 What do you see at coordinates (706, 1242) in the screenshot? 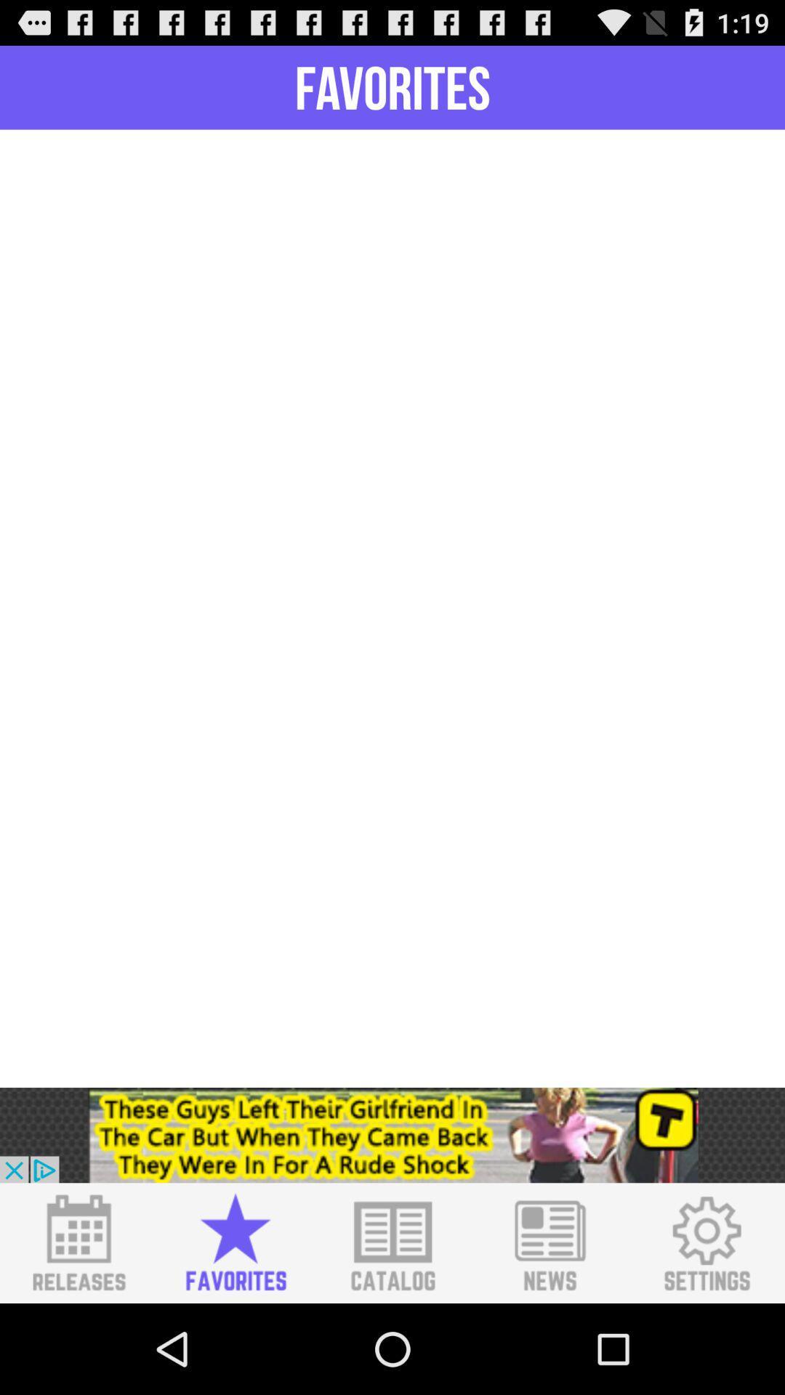
I see `settings` at bounding box center [706, 1242].